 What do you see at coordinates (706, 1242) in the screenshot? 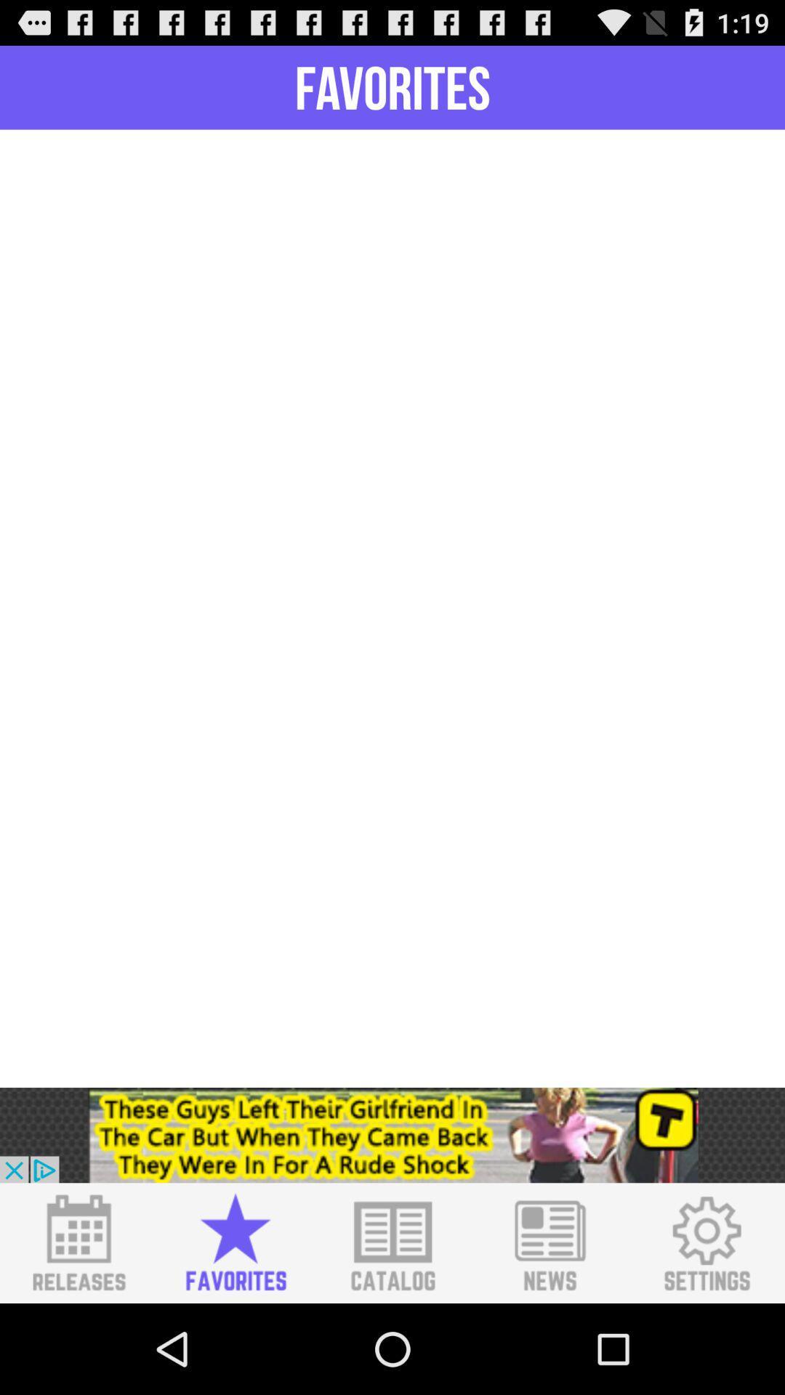
I see `settings` at bounding box center [706, 1242].